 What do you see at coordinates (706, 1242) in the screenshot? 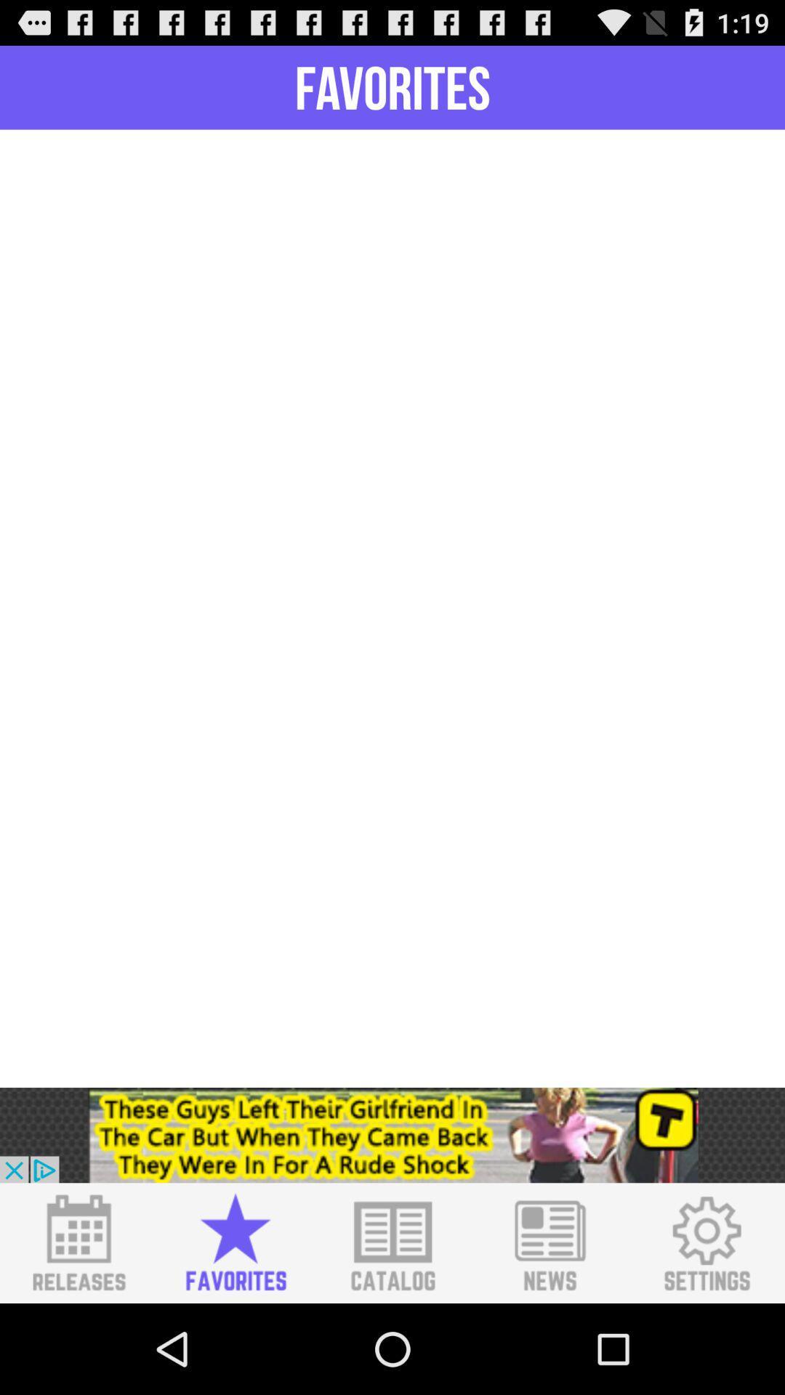
I see `settings` at bounding box center [706, 1242].